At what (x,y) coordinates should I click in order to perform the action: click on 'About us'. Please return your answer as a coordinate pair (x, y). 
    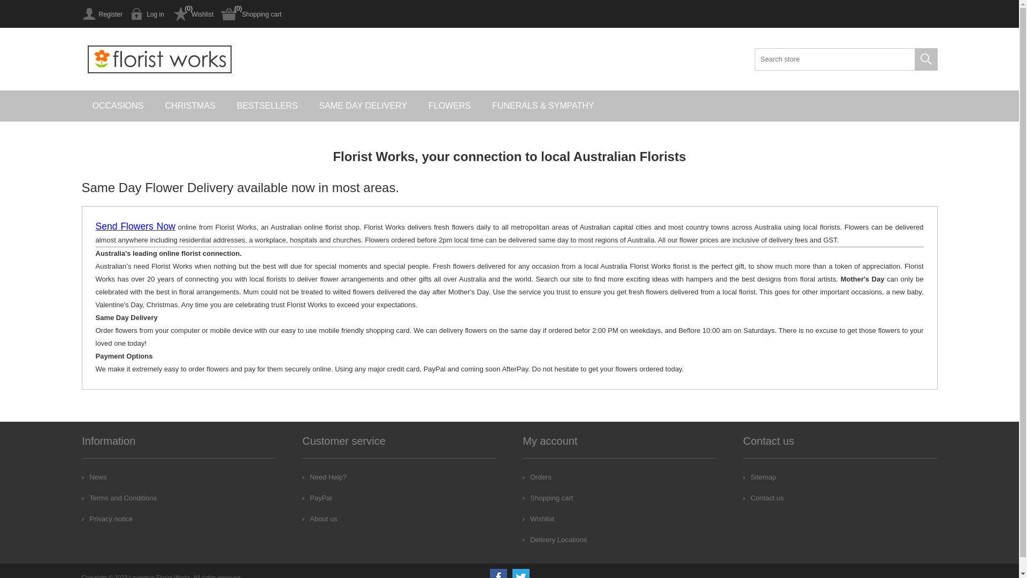
    Looking at the image, I should click on (319, 518).